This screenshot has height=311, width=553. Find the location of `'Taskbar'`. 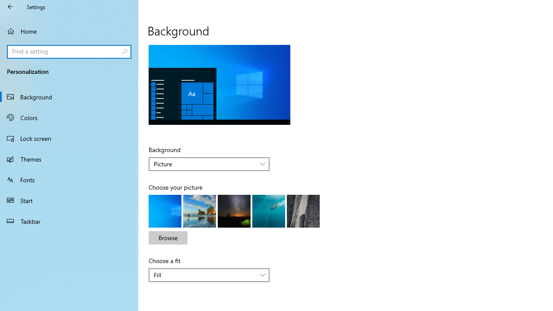

'Taskbar' is located at coordinates (69, 220).